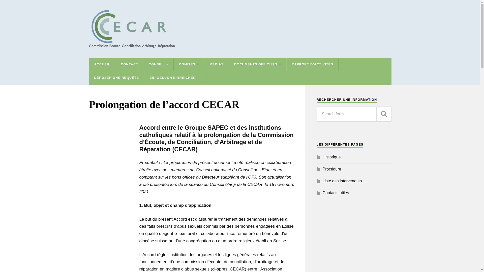  I want to click on 'ACCUEIL', so click(102, 64).